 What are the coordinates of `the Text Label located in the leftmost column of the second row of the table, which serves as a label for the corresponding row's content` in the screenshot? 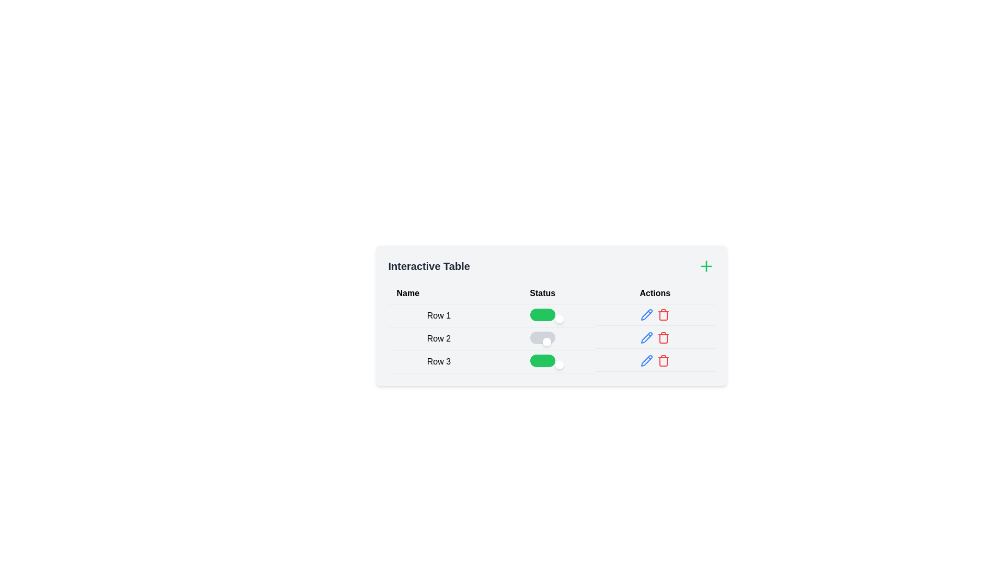 It's located at (439, 338).